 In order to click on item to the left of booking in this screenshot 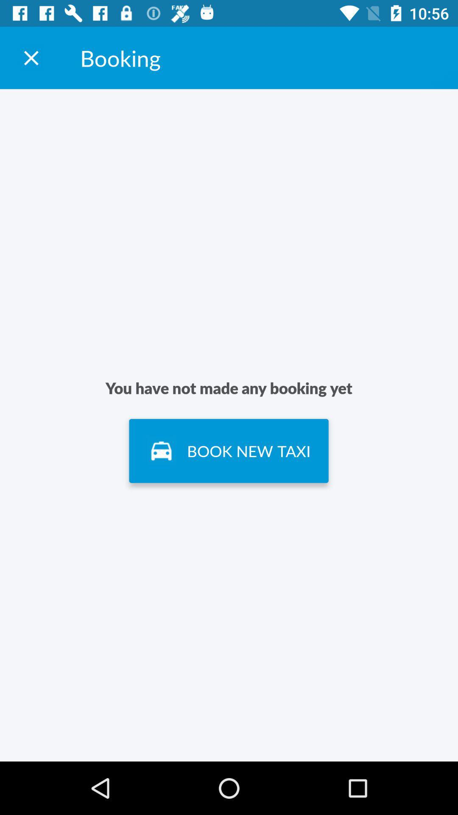, I will do `click(31, 57)`.